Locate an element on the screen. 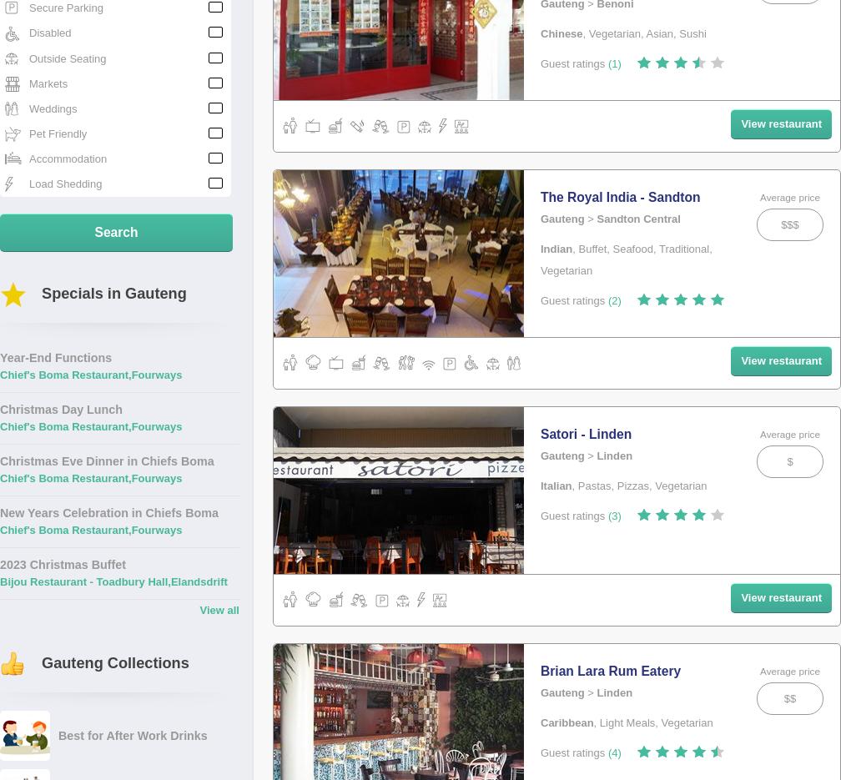 The width and height of the screenshot is (841, 780). 'Accommodation' is located at coordinates (68, 158).